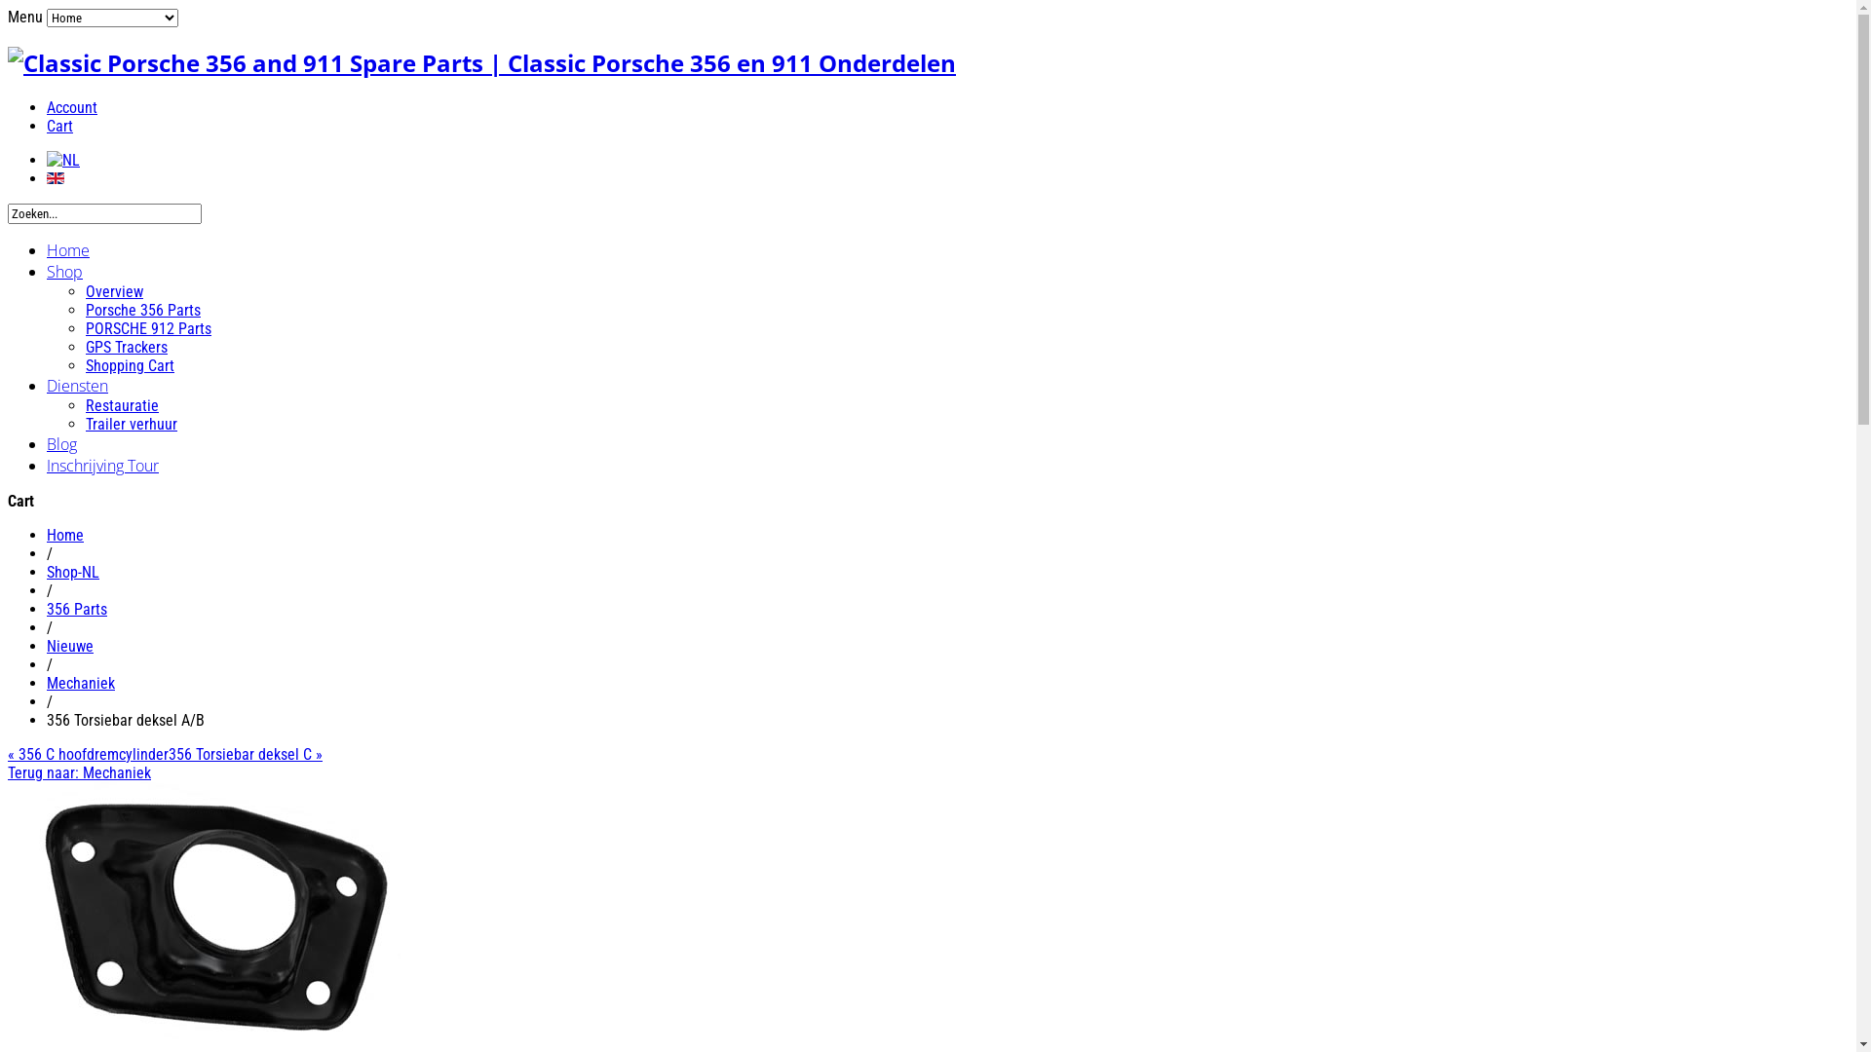  What do you see at coordinates (59, 126) in the screenshot?
I see `'Cart'` at bounding box center [59, 126].